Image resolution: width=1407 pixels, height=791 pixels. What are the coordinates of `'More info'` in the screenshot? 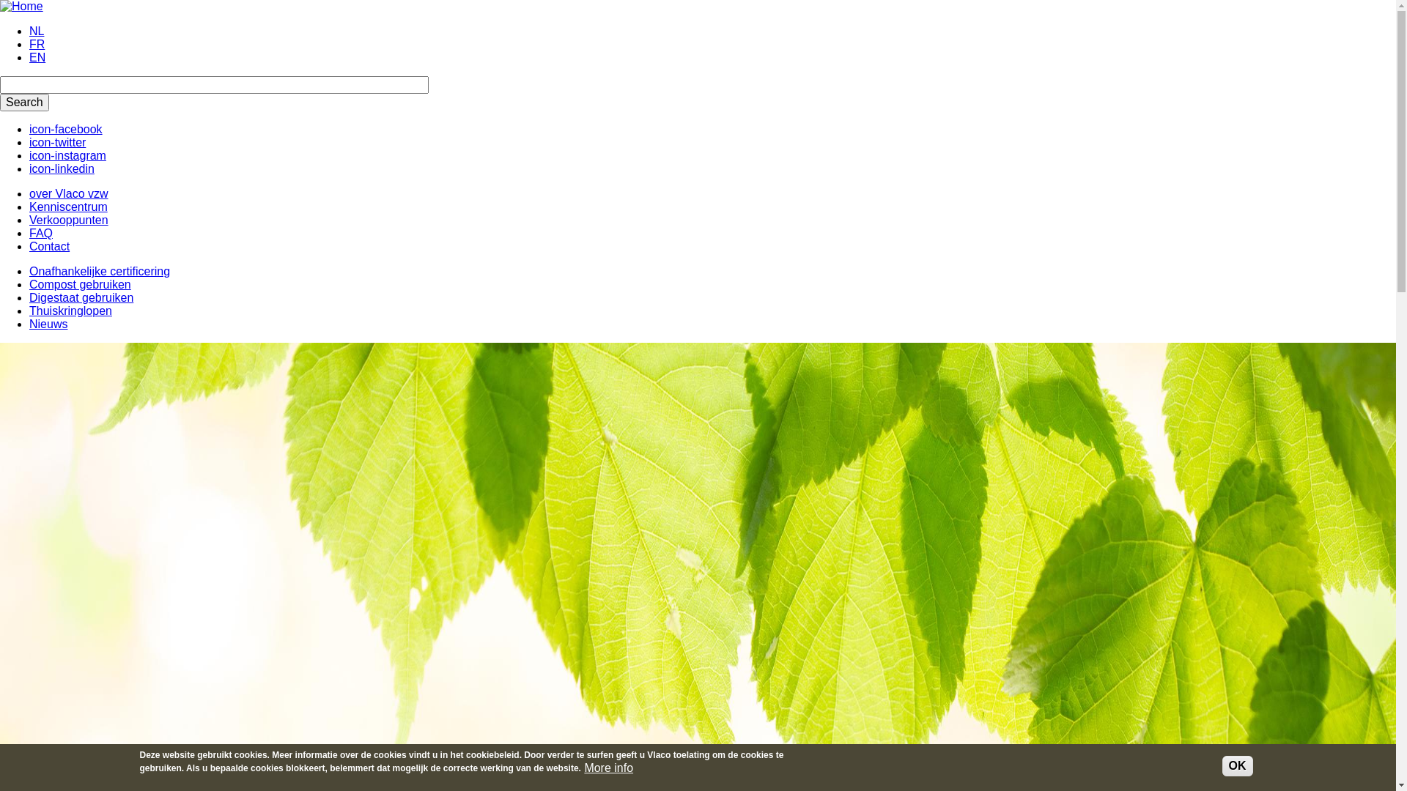 It's located at (608, 768).